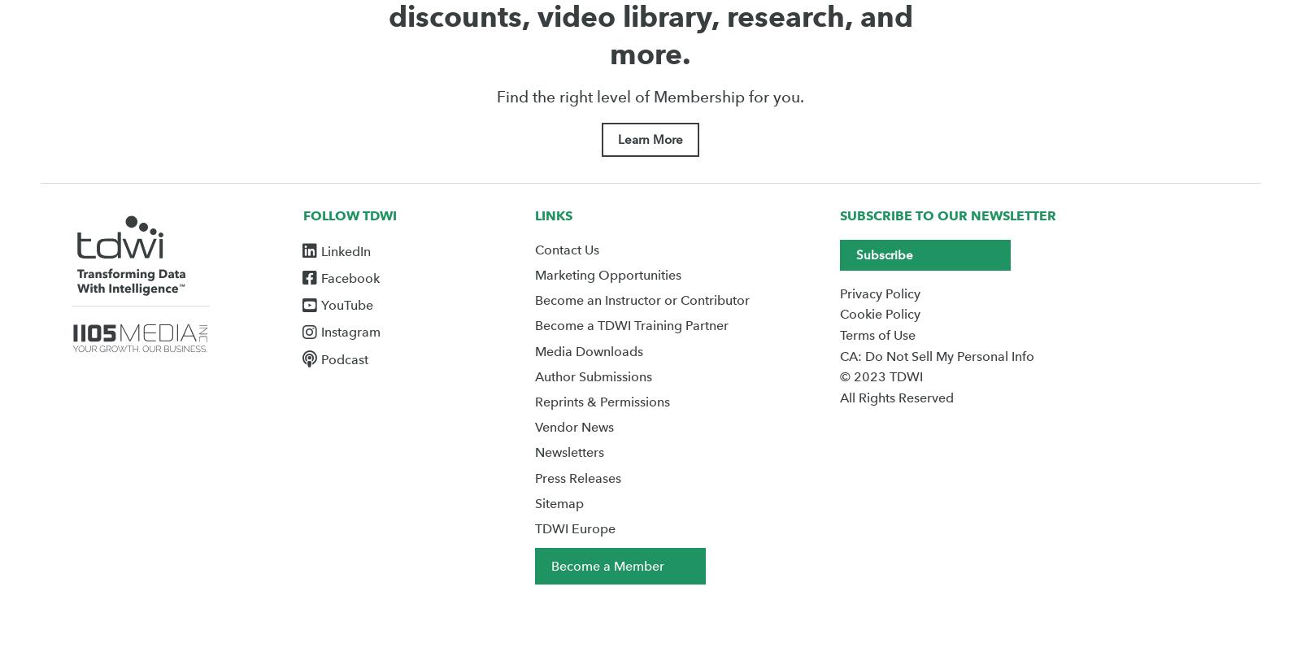  Describe the element at coordinates (946, 215) in the screenshot. I see `'SUBSCRIBE TO OUR NEWSLETTER'` at that location.